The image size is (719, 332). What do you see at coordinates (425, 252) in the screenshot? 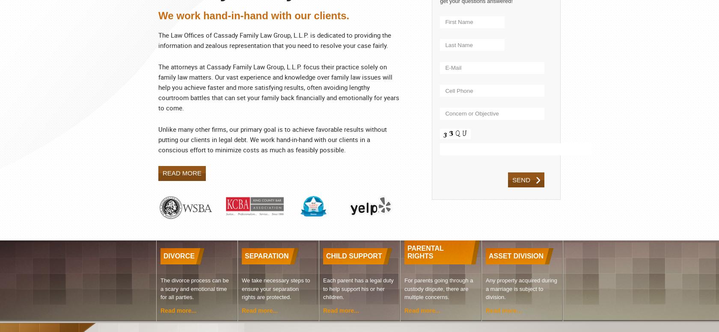
I see `'PARENTAL RIGHTS'` at bounding box center [425, 252].